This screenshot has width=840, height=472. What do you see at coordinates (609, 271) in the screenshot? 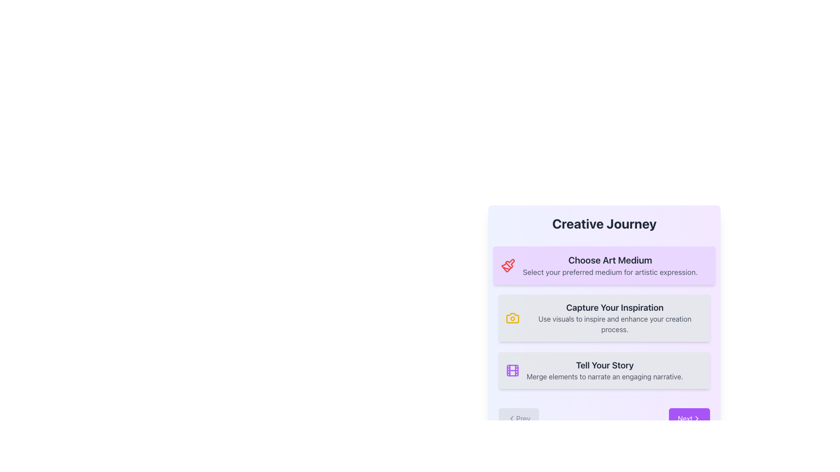
I see `the informative subtitle text label that provides guidance about the 'Choose Art Medium' section, positioned centrally below its heading` at bounding box center [609, 271].